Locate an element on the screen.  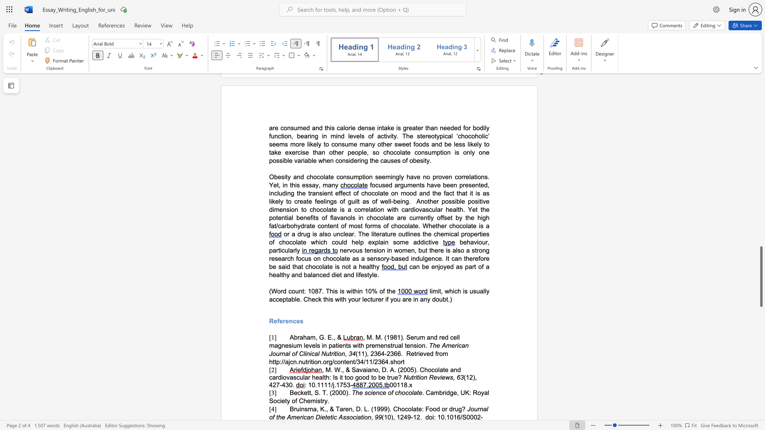
the scrollbar to move the content higher is located at coordinates (761, 235).